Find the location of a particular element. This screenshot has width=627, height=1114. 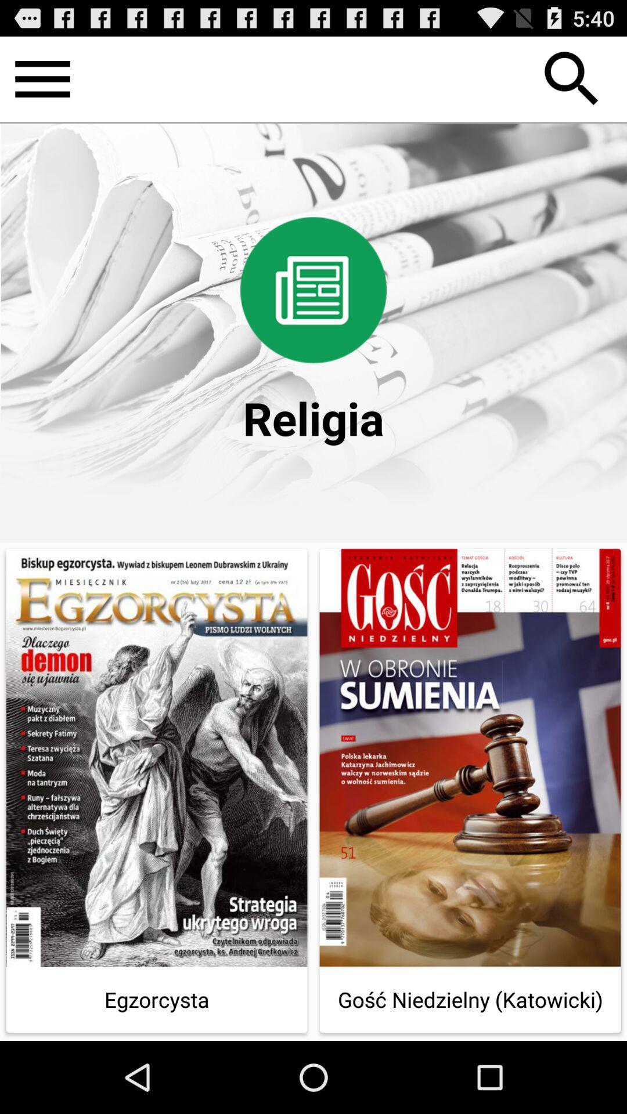

the second image to the bottom right corner of the page is located at coordinates (470, 758).